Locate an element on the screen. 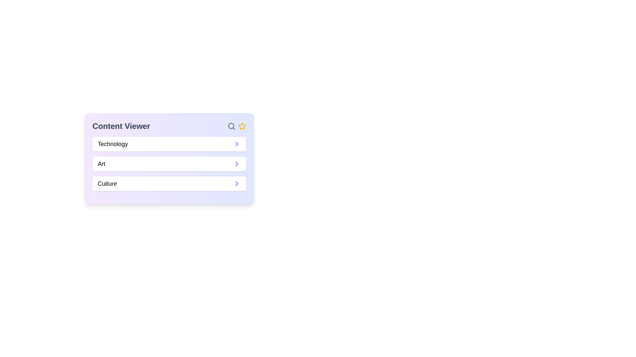  the right-pointing chevron icon next to the 'Culture' label in the third row is located at coordinates (237, 183).